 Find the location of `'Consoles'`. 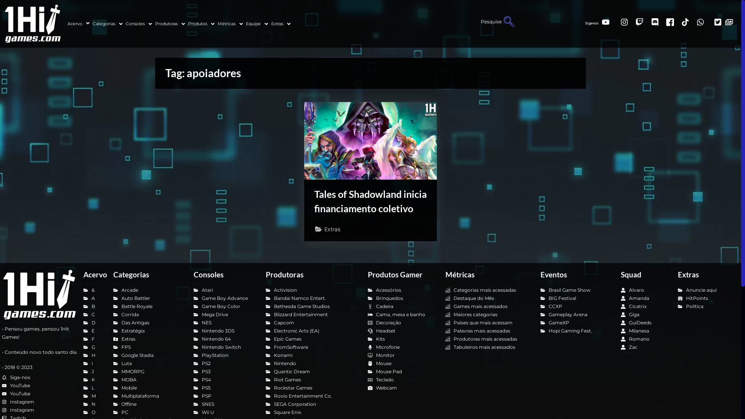

'Consoles' is located at coordinates (124, 23).